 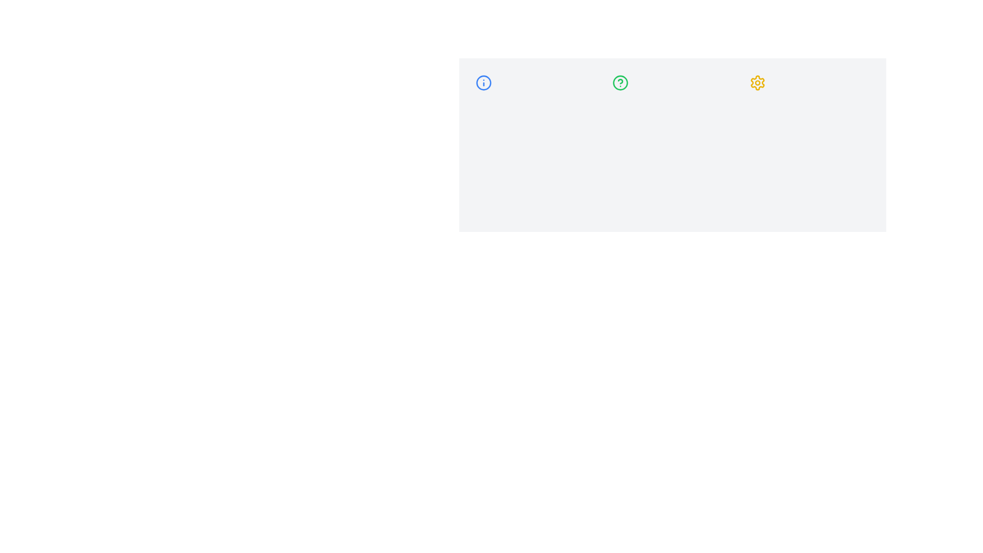 I want to click on the gear icon, which symbolizes settings or configuration options, so click(x=757, y=82).